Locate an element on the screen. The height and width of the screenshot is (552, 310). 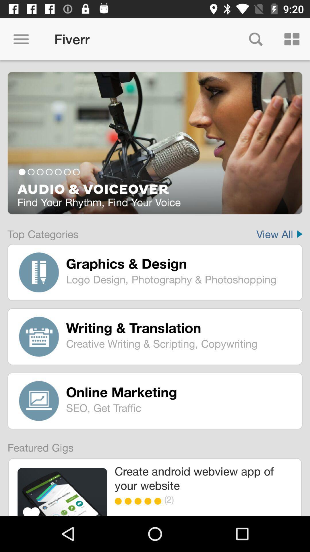
the item below featured gigs icon is located at coordinates (62, 491).